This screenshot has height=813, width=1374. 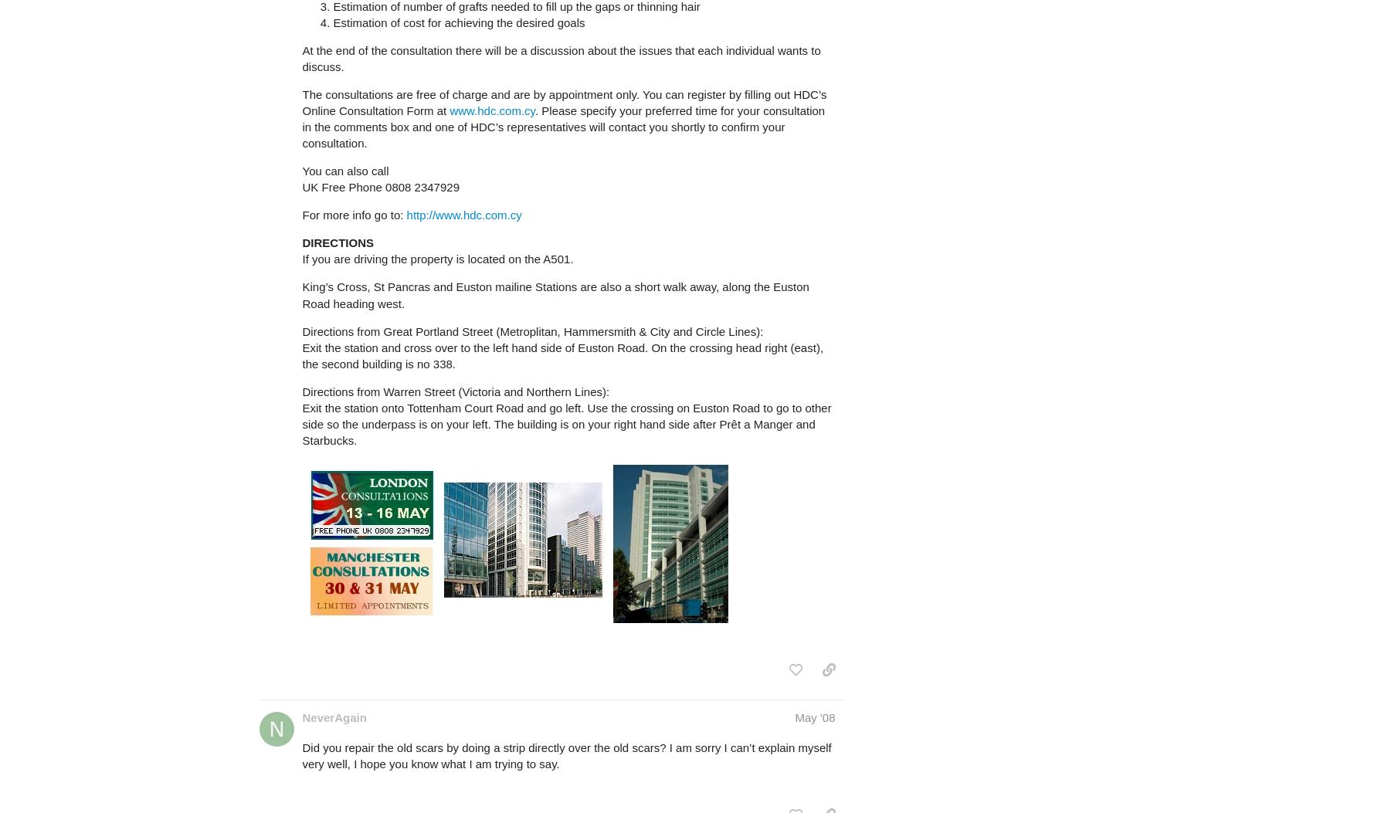 I want to click on 'May '08', so click(x=813, y=716).